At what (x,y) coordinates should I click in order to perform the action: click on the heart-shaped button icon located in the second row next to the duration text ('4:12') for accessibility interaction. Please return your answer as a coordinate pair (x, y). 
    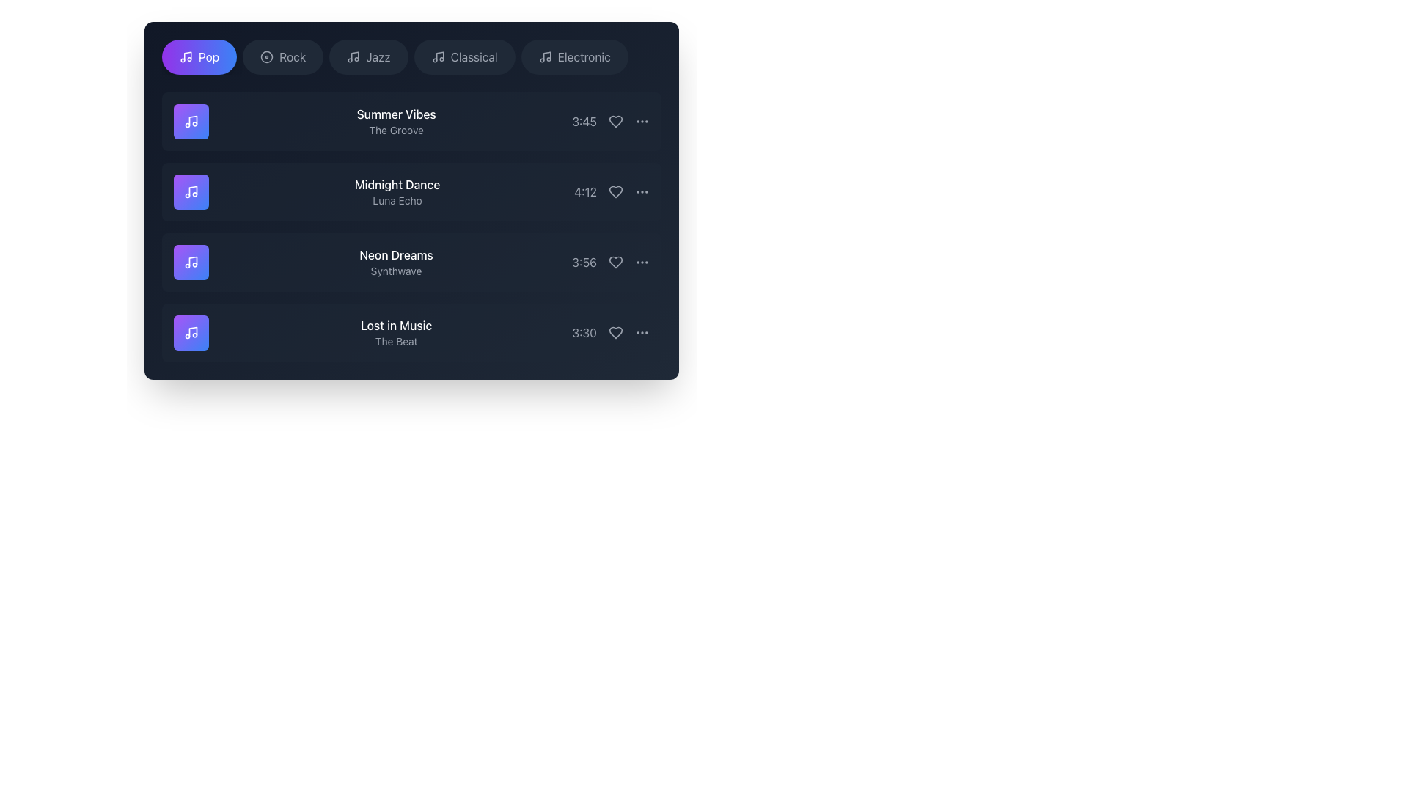
    Looking at the image, I should click on (616, 191).